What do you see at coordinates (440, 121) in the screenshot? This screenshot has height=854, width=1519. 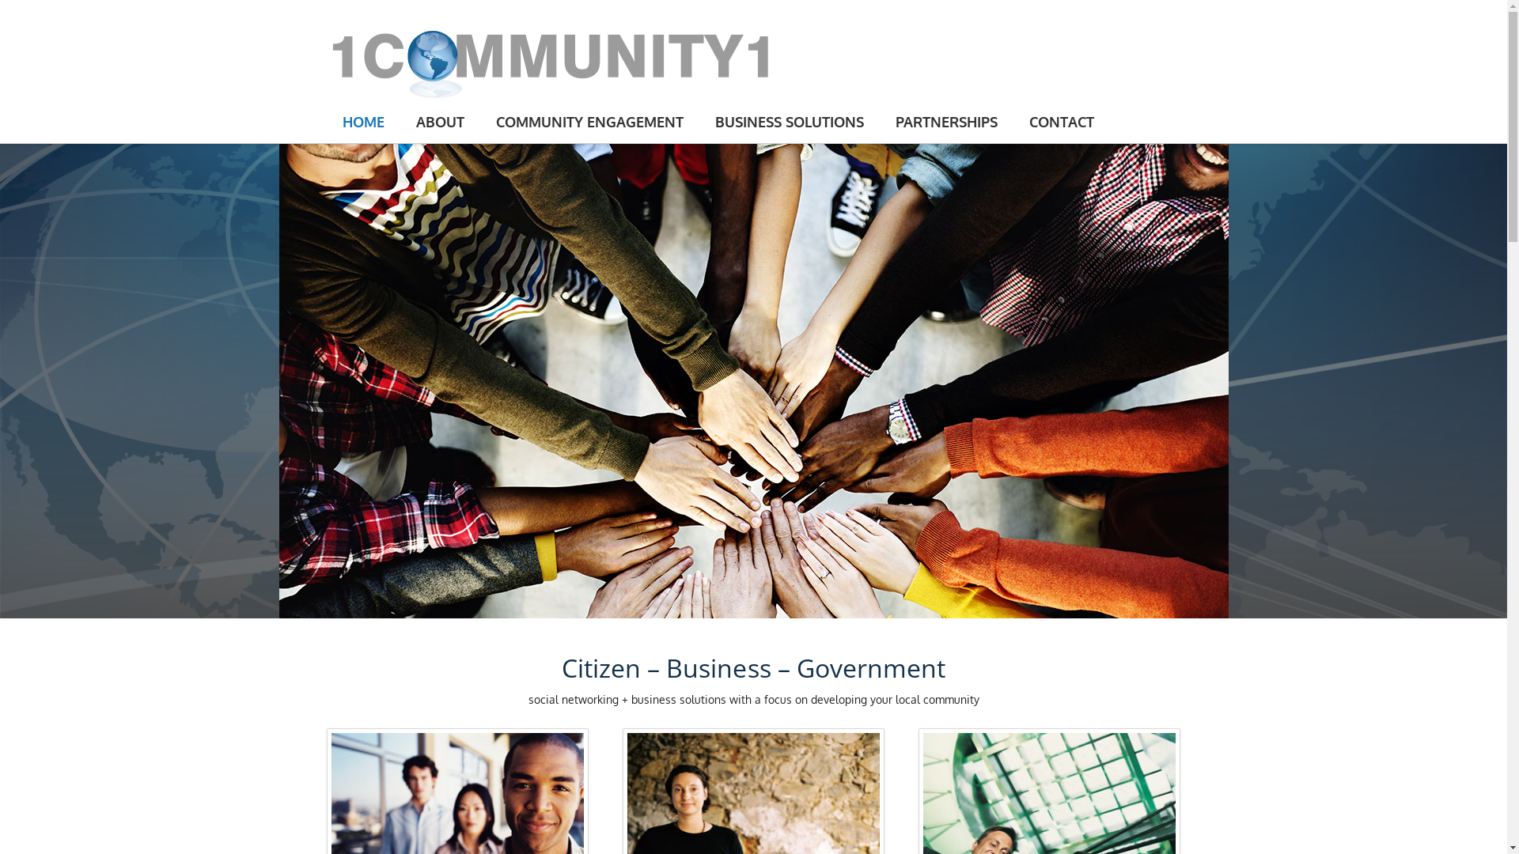 I see `'ABOUT'` at bounding box center [440, 121].